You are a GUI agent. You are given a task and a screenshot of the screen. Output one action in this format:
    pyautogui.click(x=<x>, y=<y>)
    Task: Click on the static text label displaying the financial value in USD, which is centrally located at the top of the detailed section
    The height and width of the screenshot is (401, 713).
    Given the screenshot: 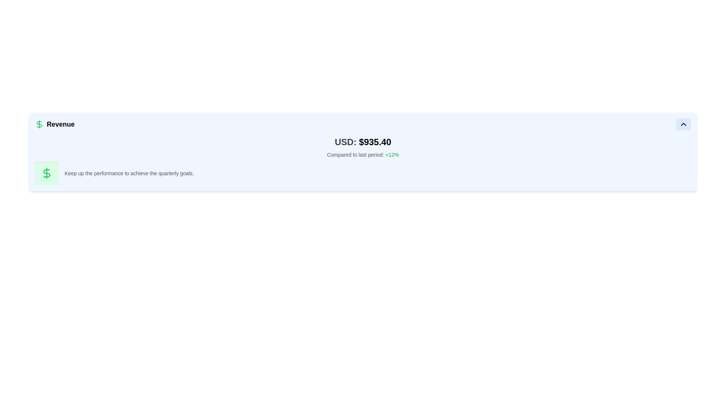 What is the action you would take?
    pyautogui.click(x=363, y=142)
    